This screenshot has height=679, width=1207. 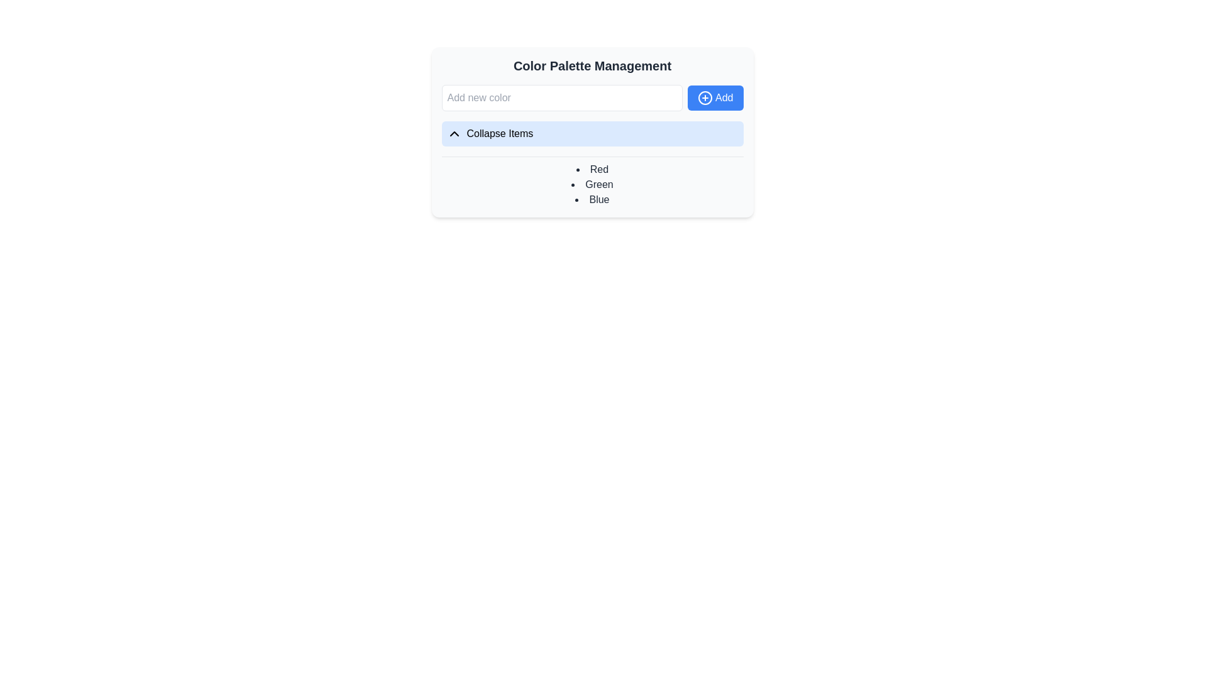 What do you see at coordinates (705, 97) in the screenshot?
I see `the circular icon with a plus symbol (+) in the center, which is part of the add button located to the right of the text input field in the 'Color Palette Management' section` at bounding box center [705, 97].